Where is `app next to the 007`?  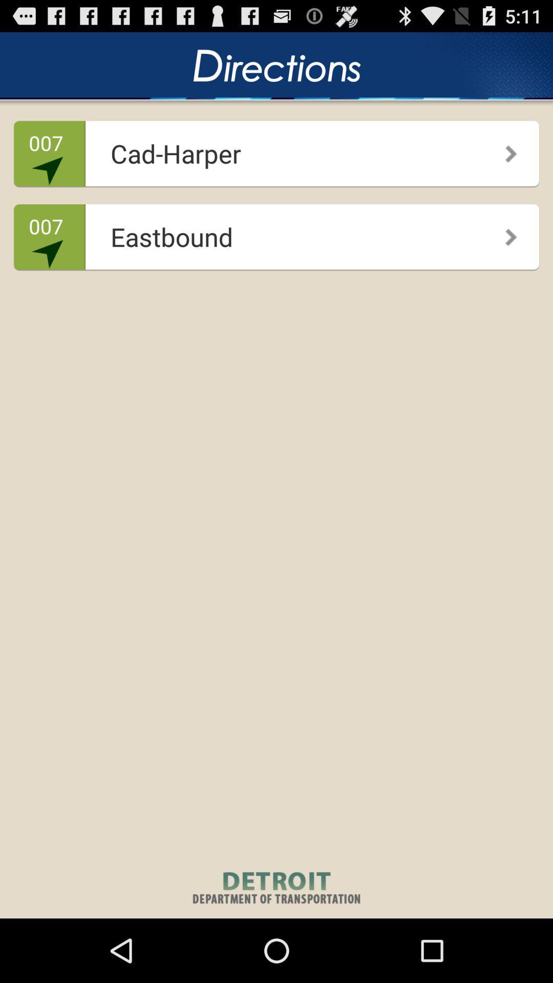
app next to the 007 is located at coordinates (273, 233).